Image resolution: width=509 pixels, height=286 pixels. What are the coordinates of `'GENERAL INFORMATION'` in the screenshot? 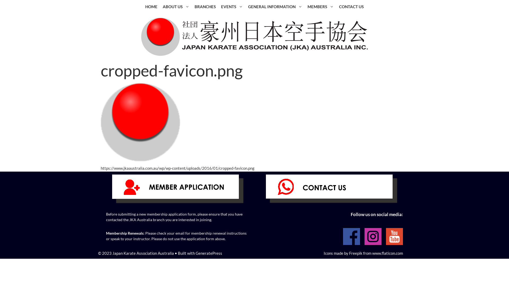 It's located at (275, 6).